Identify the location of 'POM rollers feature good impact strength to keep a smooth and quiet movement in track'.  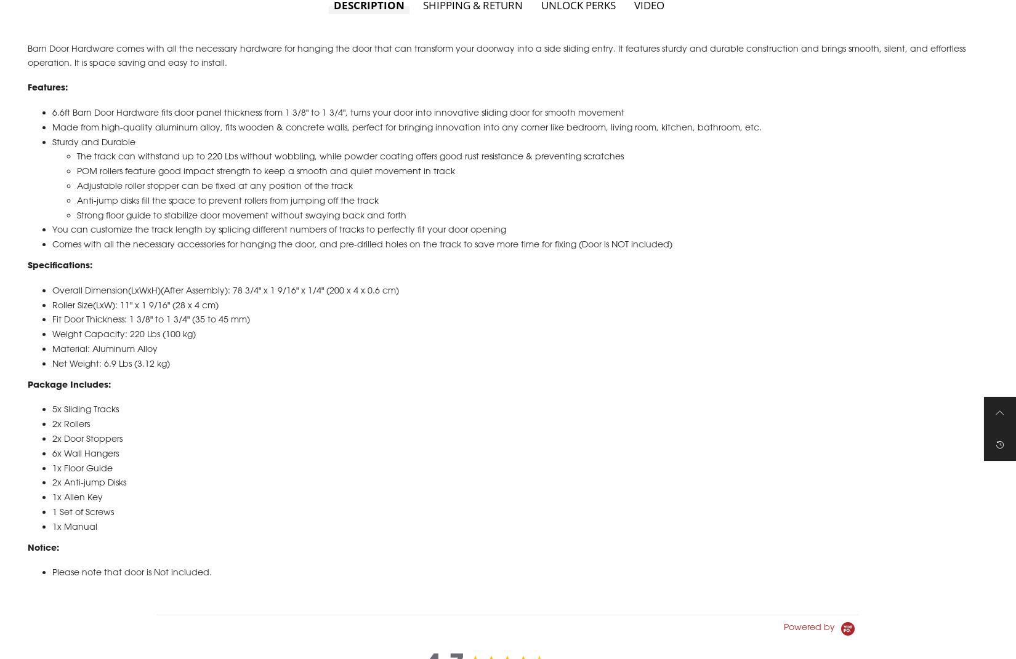
(265, 184).